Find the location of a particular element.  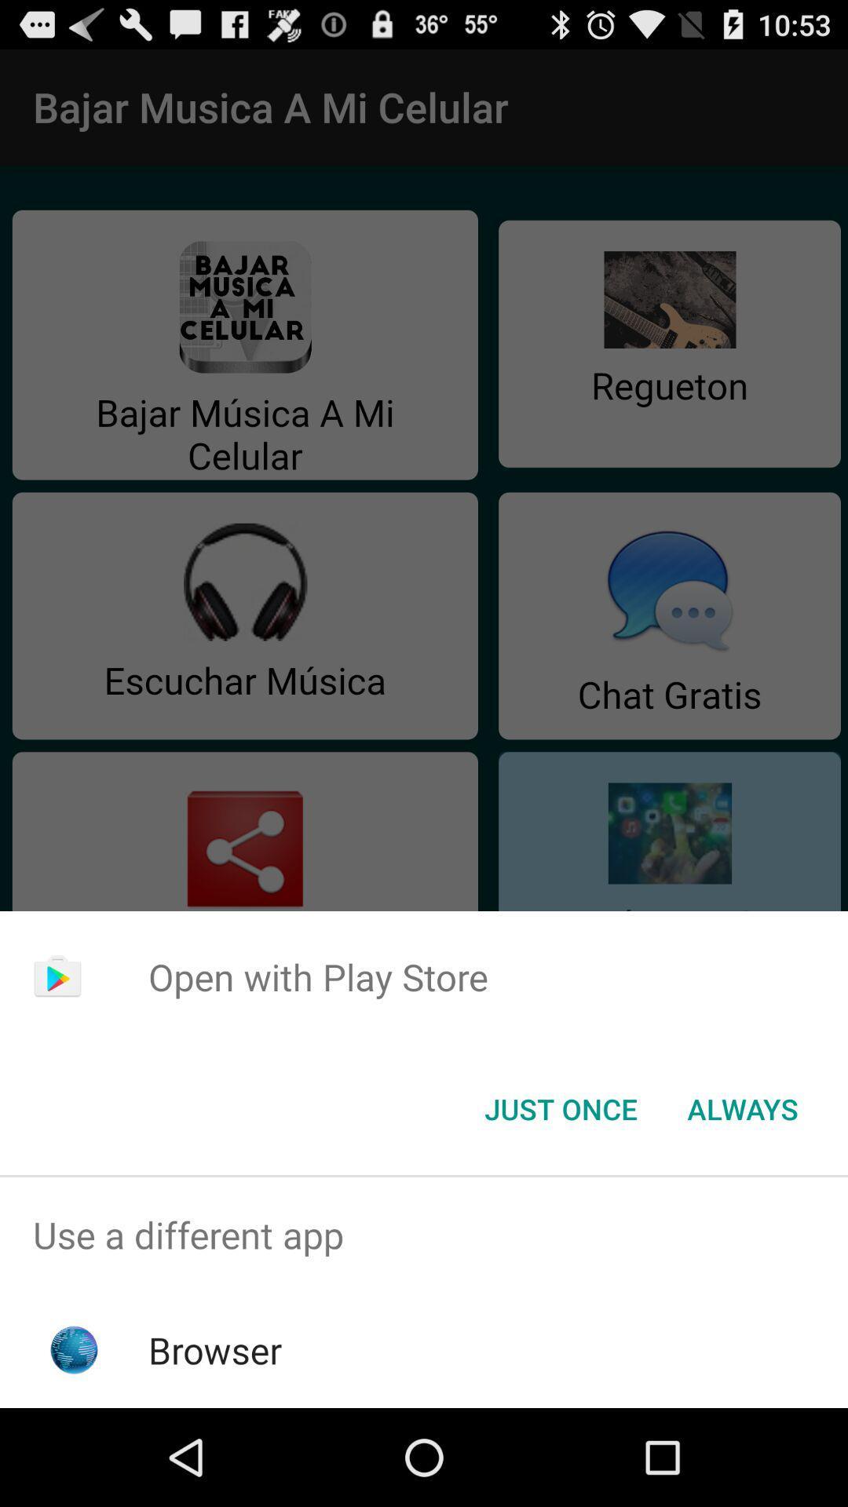

button to the left of always item is located at coordinates (560, 1107).